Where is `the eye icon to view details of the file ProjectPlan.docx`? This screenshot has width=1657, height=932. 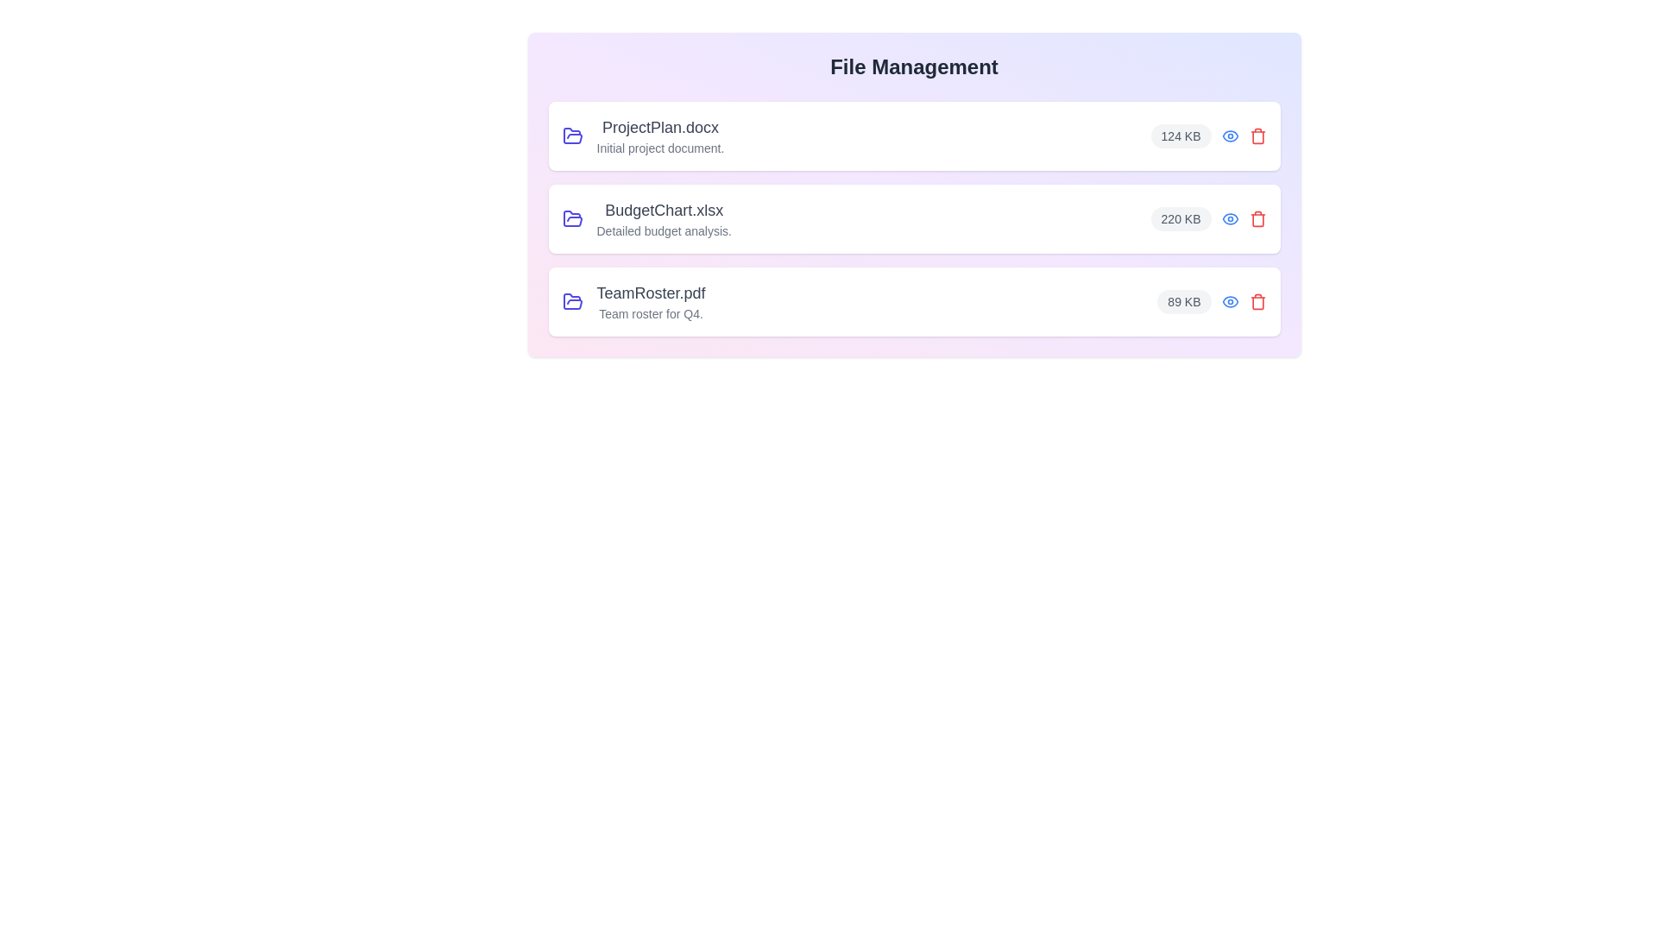 the eye icon to view details of the file ProjectPlan.docx is located at coordinates (1229, 135).